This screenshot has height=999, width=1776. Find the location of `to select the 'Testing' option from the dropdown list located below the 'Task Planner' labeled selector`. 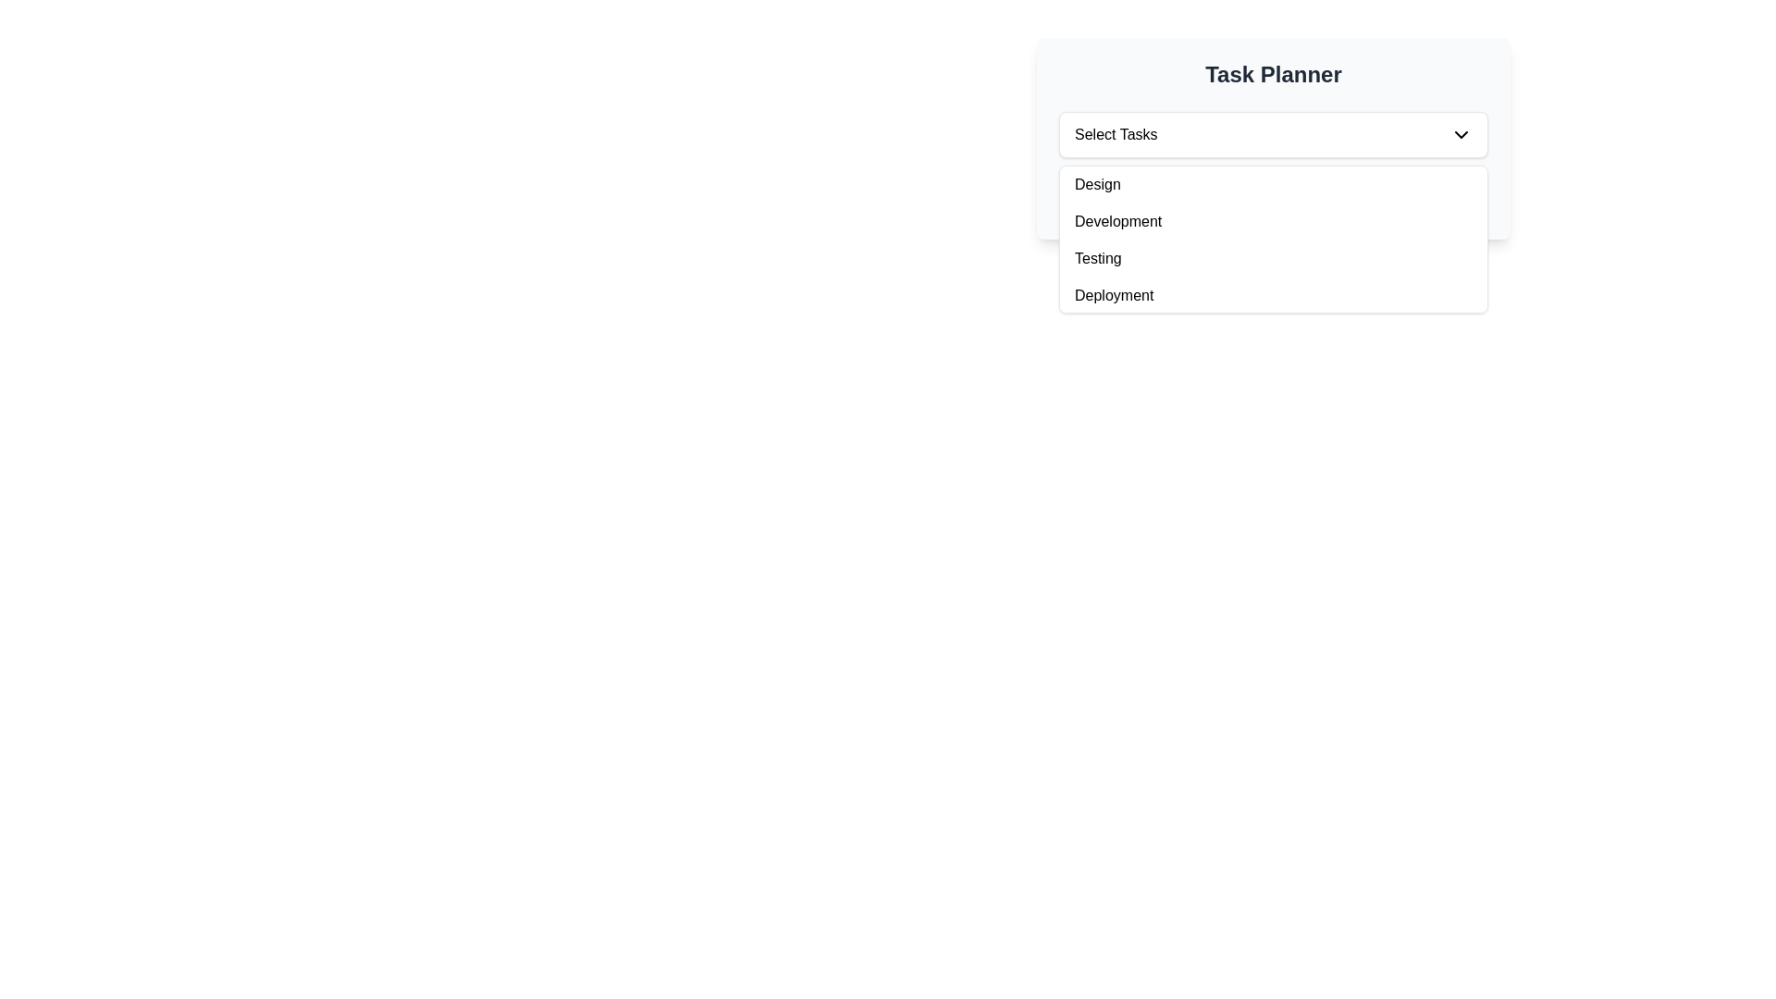

to select the 'Testing' option from the dropdown list located below the 'Task Planner' labeled selector is located at coordinates (1273, 238).